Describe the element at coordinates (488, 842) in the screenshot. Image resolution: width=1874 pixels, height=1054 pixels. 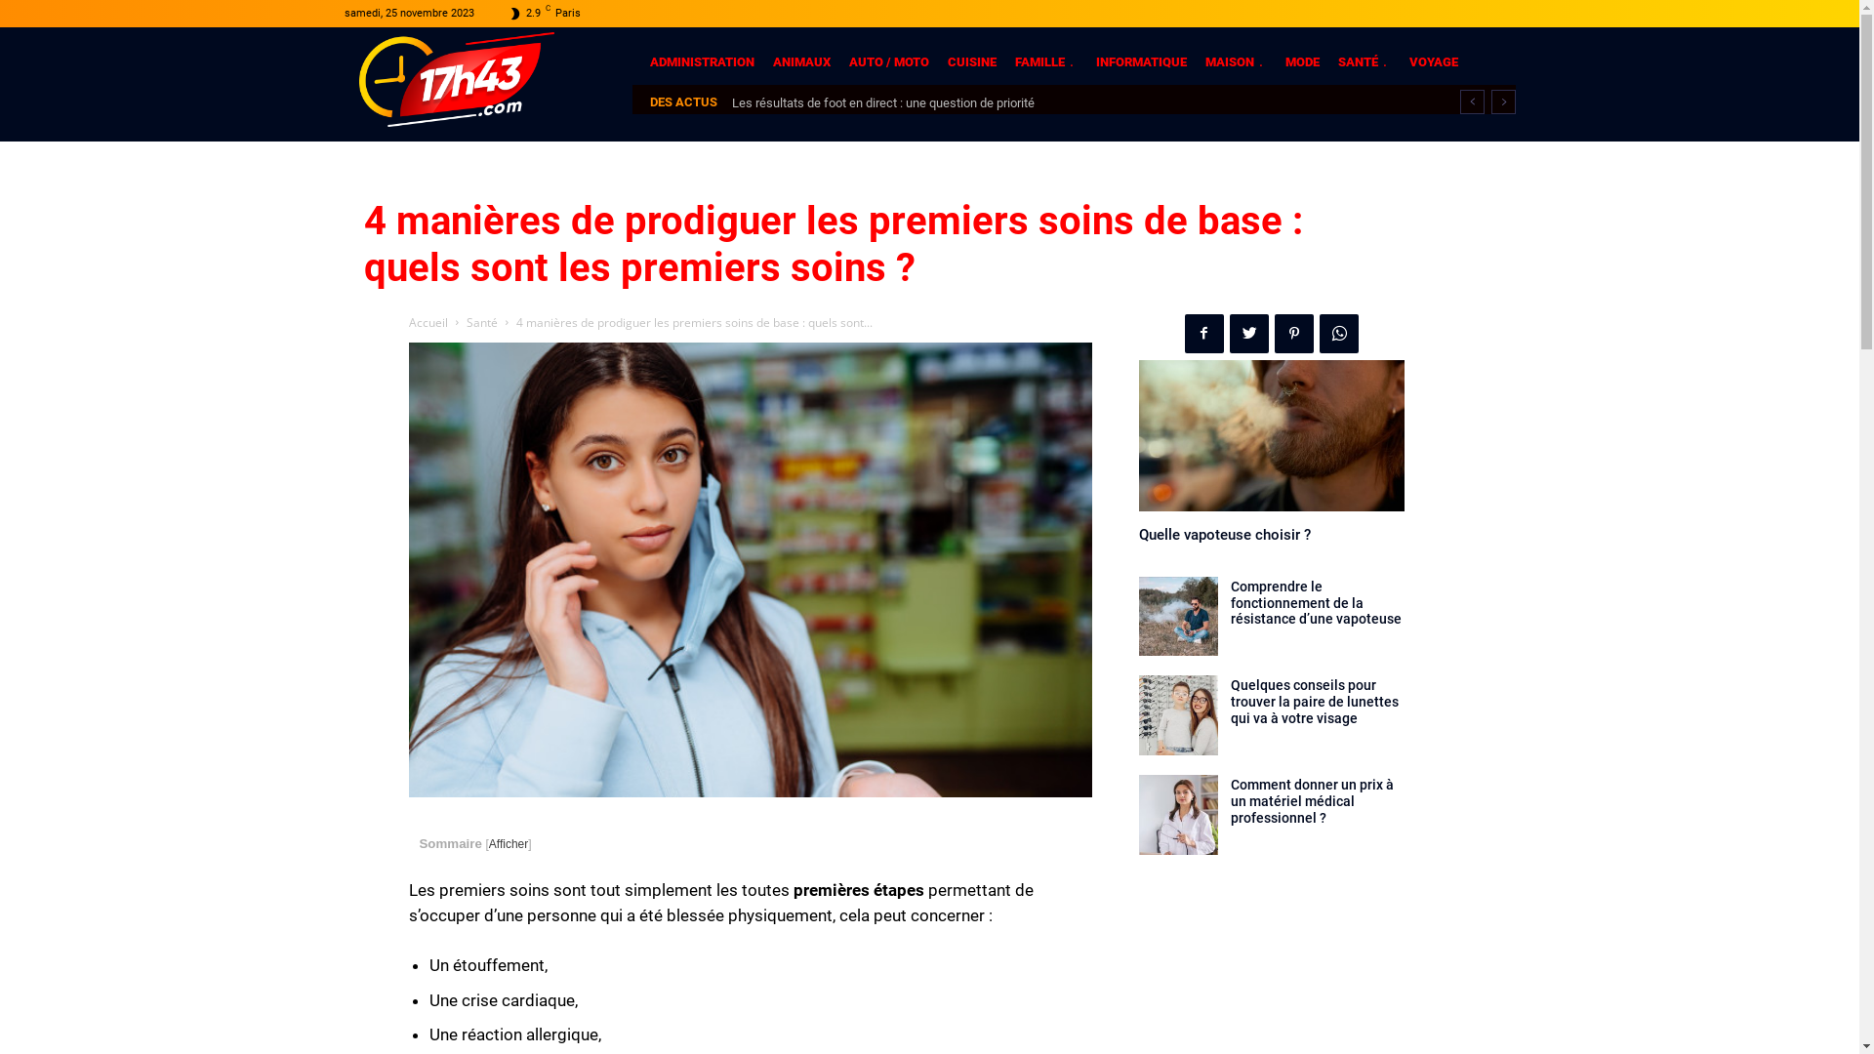
I see `'Afficher'` at that location.